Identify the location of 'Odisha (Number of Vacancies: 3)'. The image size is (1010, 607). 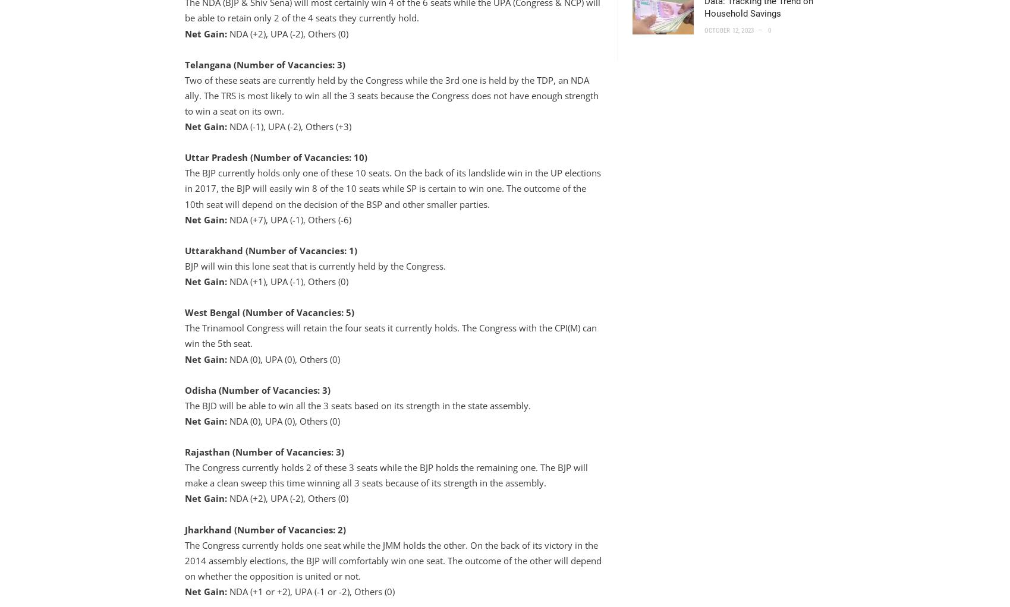
(184, 390).